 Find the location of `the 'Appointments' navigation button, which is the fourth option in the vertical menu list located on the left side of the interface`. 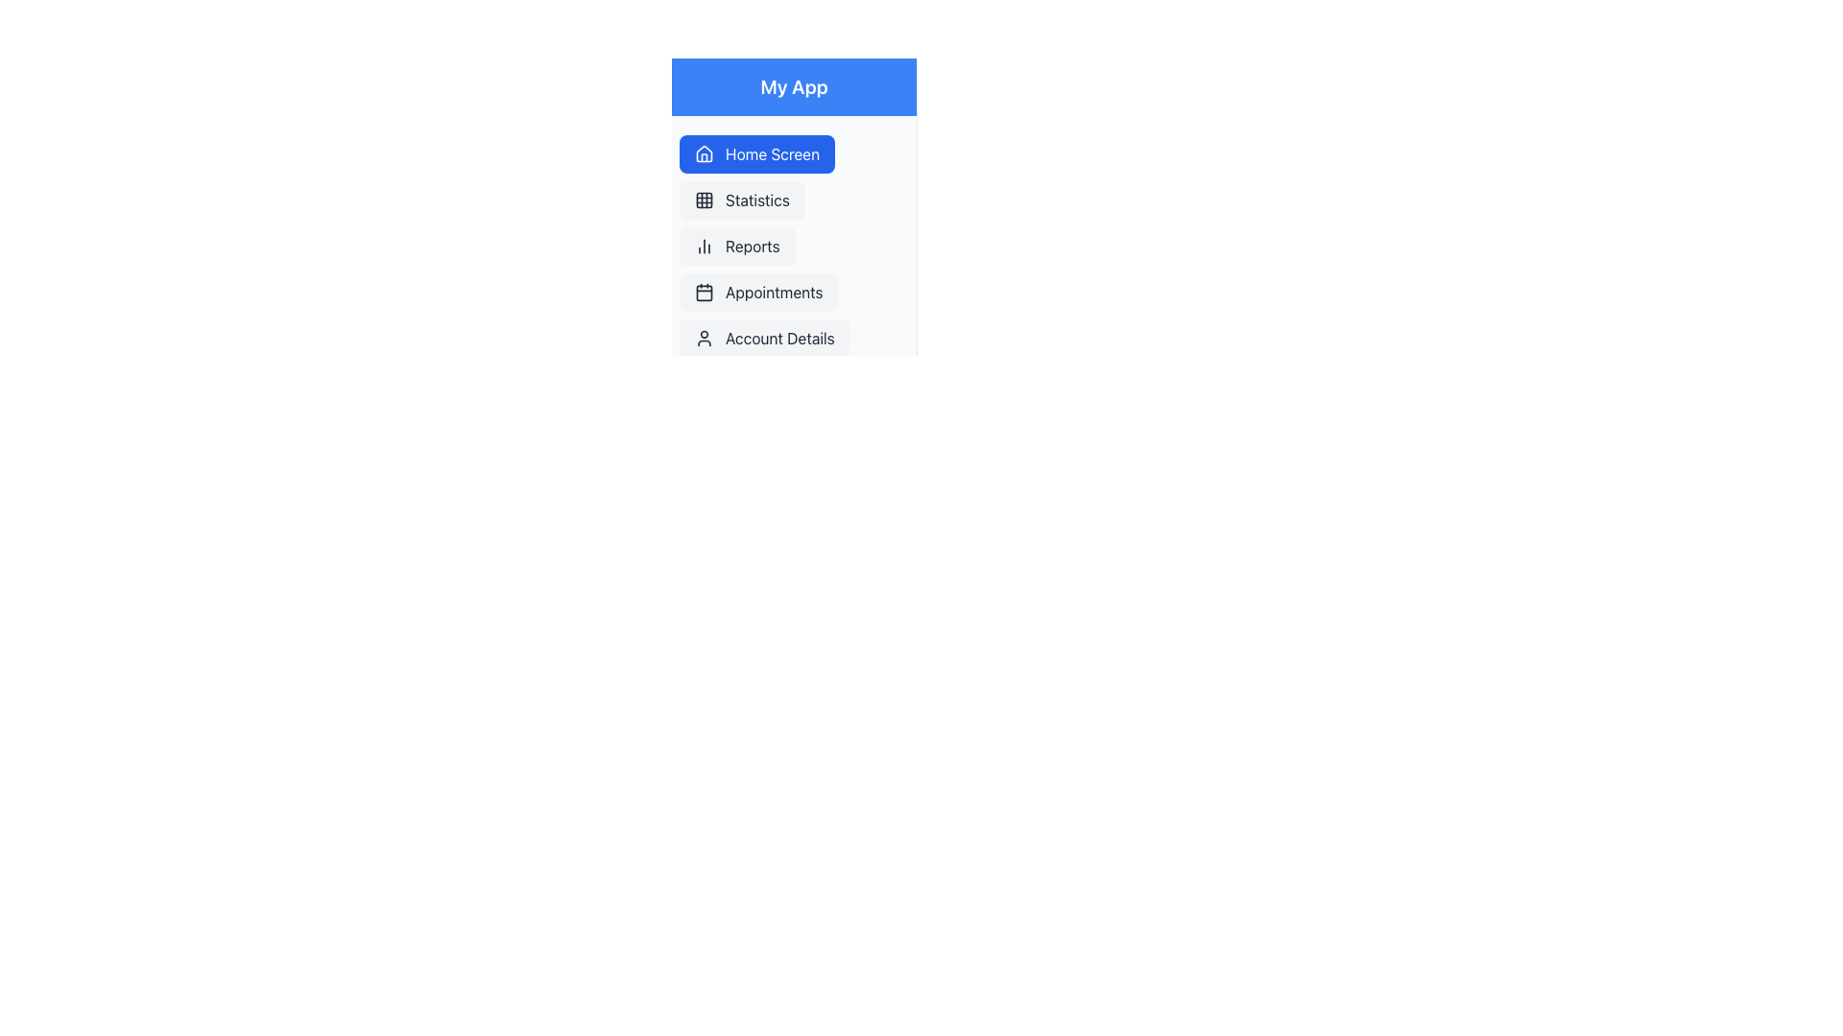

the 'Appointments' navigation button, which is the fourth option in the vertical menu list located on the left side of the interface is located at coordinates (757, 292).